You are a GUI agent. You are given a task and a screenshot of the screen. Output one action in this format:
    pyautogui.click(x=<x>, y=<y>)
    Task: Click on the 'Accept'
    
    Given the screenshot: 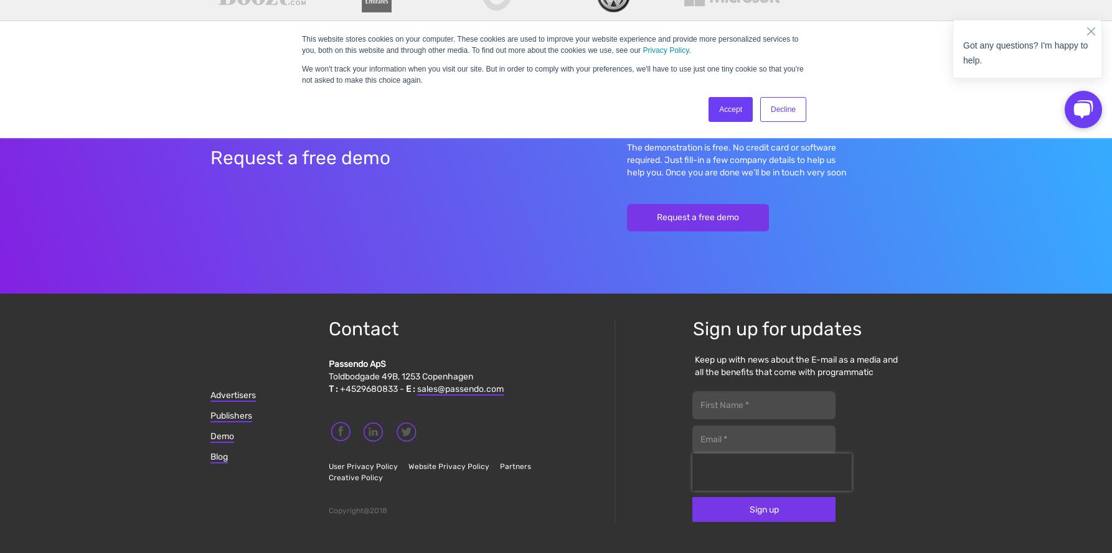 What is the action you would take?
    pyautogui.click(x=719, y=109)
    